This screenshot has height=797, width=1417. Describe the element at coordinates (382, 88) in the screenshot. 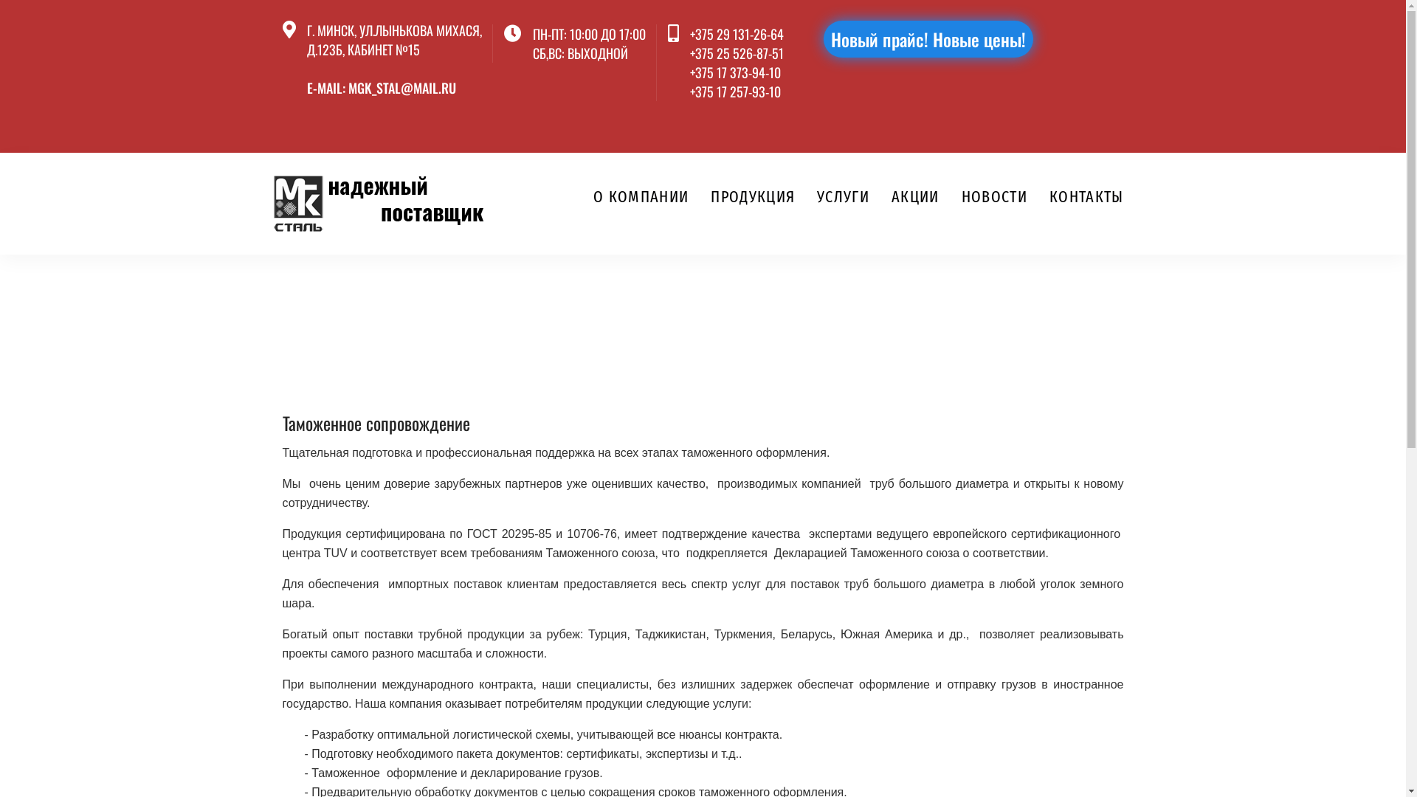

I see `'E-MAIL: MGK_STAL@MAIL.RU'` at that location.